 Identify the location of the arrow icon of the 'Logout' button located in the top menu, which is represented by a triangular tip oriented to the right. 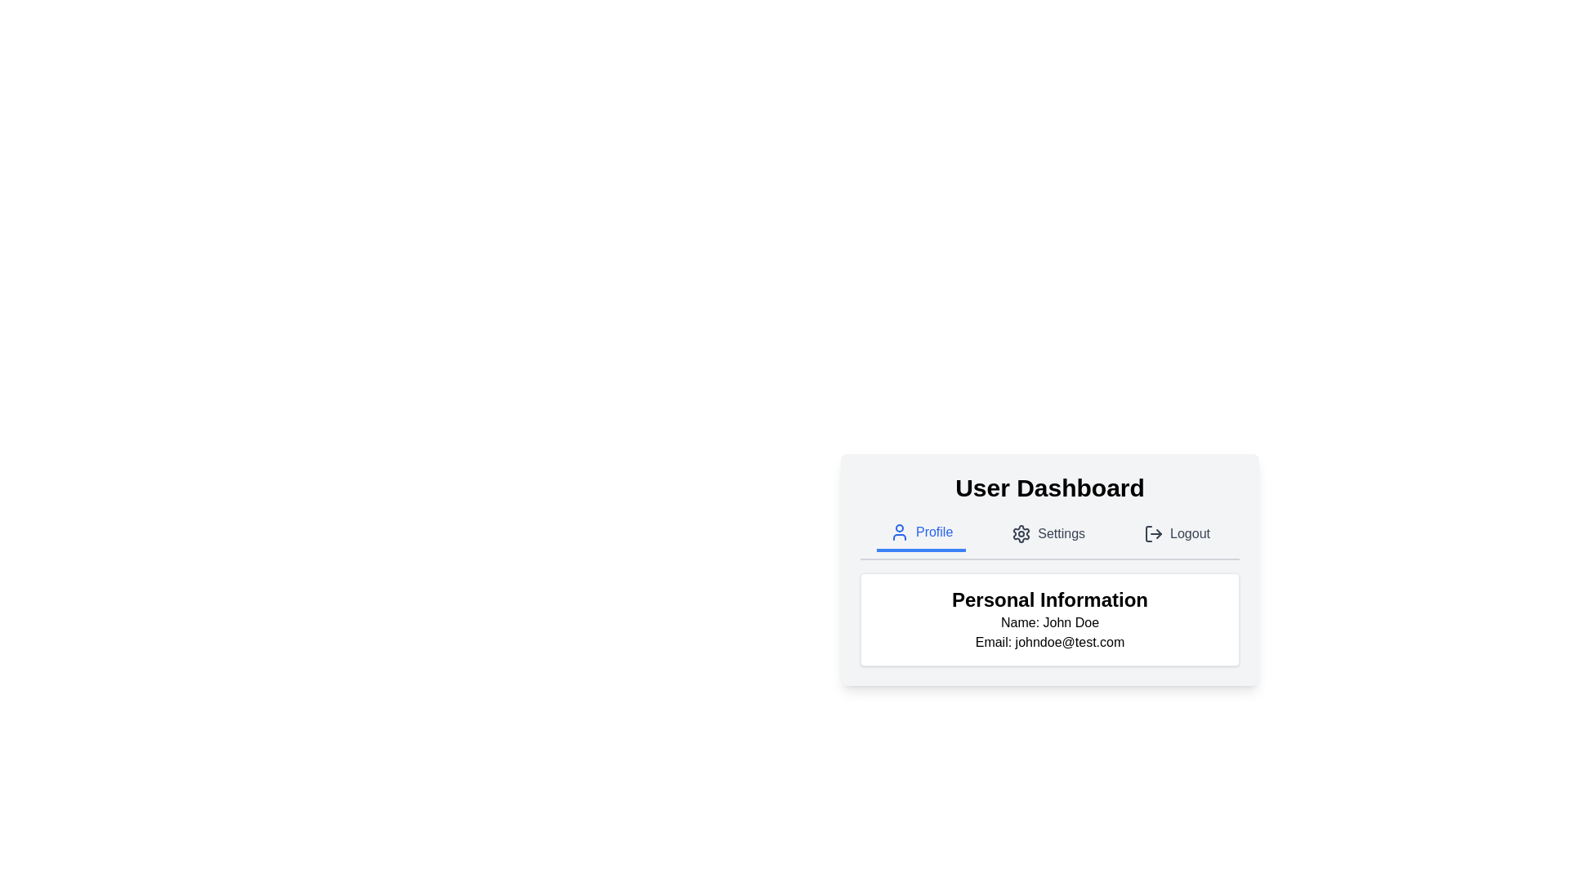
(1158, 534).